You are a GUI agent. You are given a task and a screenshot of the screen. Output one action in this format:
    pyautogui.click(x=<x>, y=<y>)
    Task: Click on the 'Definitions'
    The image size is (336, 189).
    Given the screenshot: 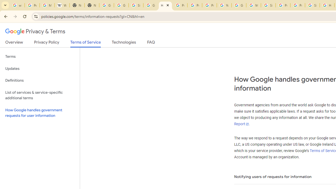 What is the action you would take?
    pyautogui.click(x=40, y=80)
    